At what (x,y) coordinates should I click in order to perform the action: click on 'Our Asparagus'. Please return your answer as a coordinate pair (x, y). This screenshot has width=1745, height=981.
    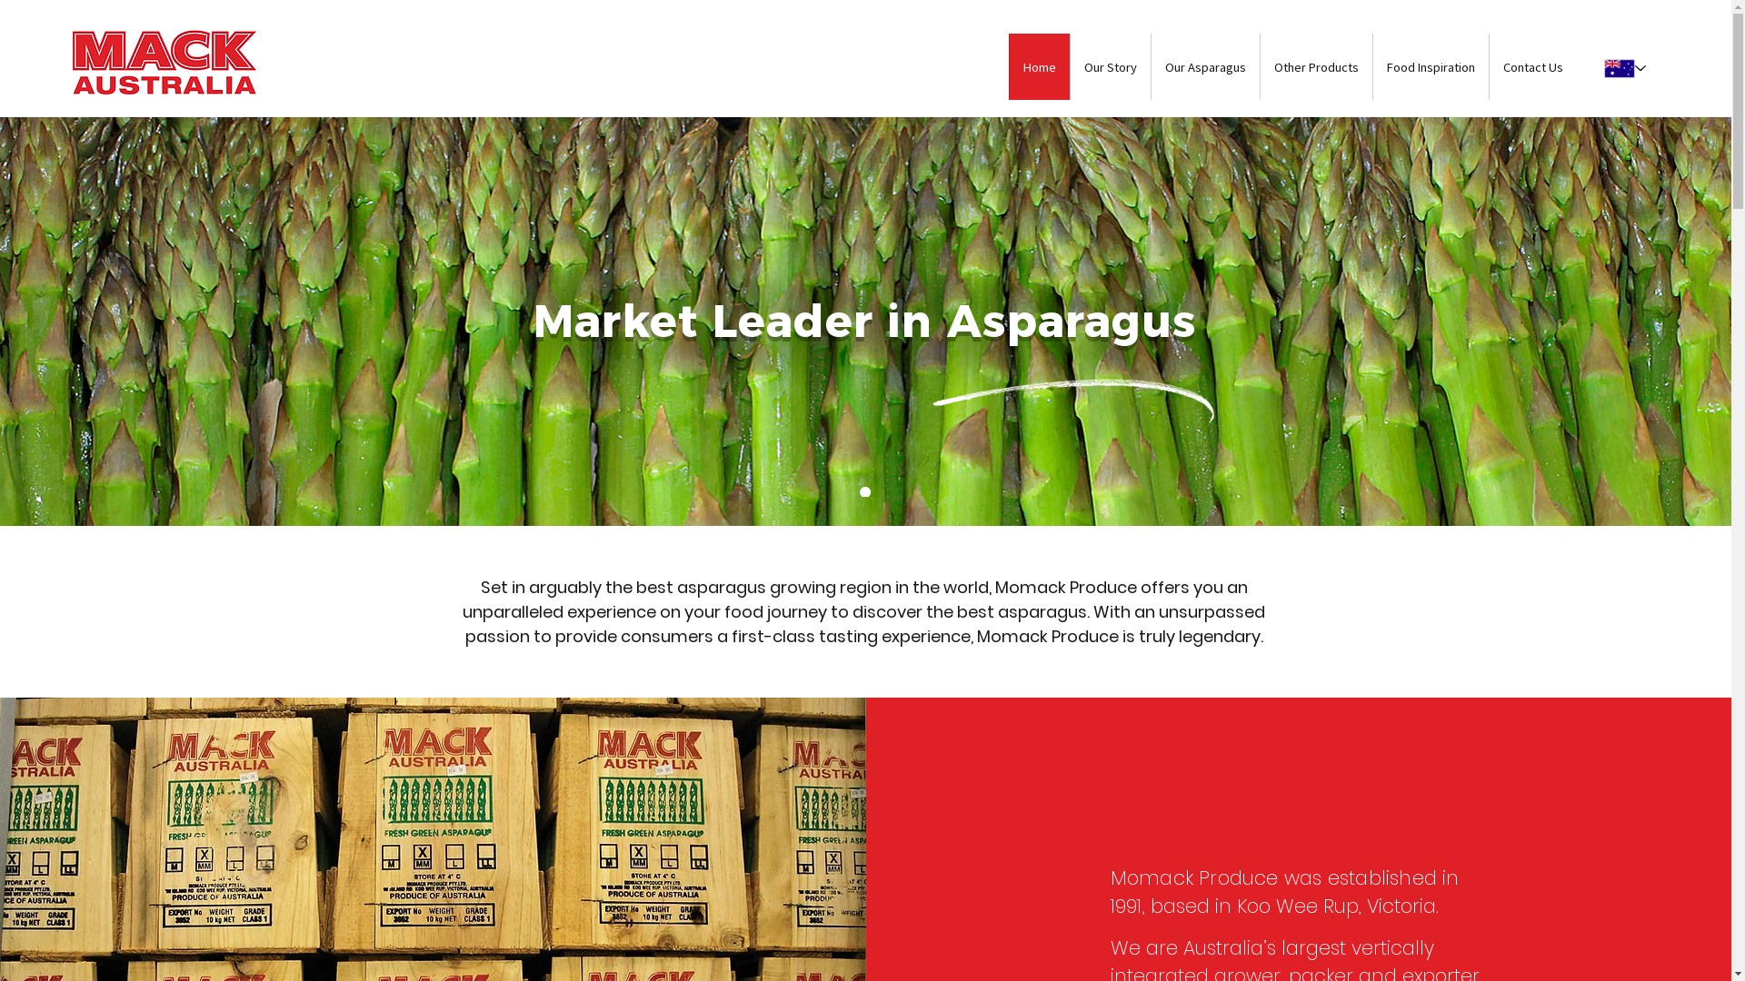
    Looking at the image, I should click on (1204, 65).